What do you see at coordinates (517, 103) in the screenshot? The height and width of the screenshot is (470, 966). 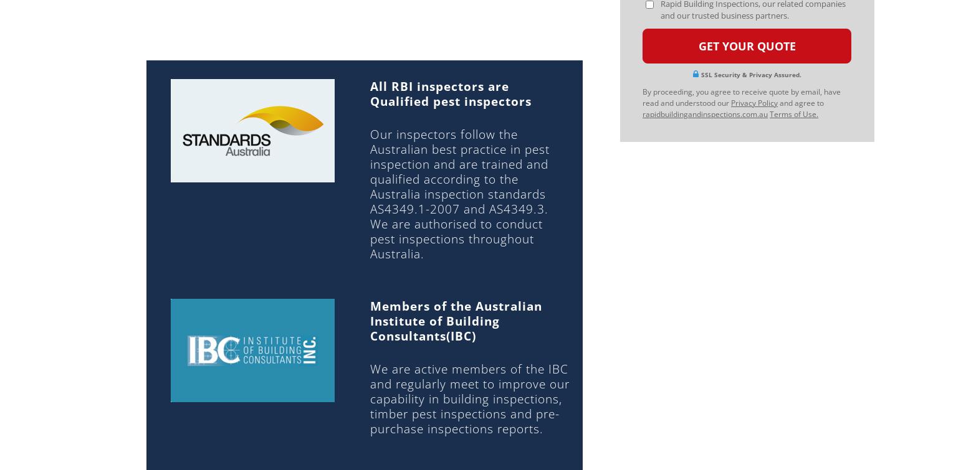 I see `'LIVERPOOL'` at bounding box center [517, 103].